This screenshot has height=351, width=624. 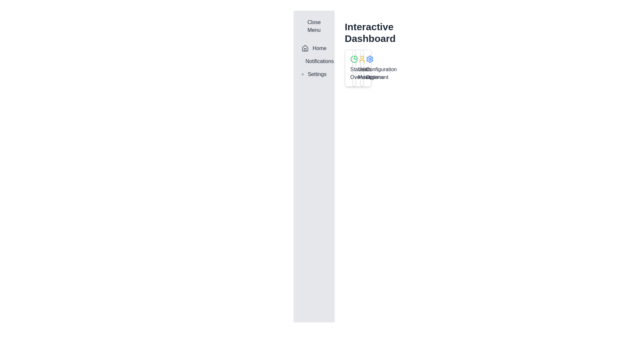 I want to click on the first segment of the pie chart icon located in the right area of the sidebar, next to the text 'Interactive Dashboard', so click(x=355, y=57).